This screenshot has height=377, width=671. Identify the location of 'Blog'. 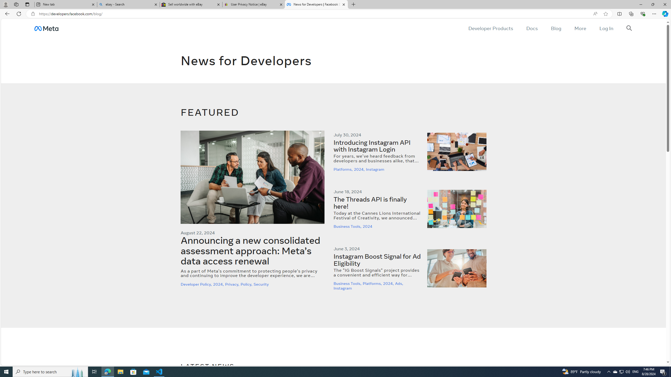
(555, 28).